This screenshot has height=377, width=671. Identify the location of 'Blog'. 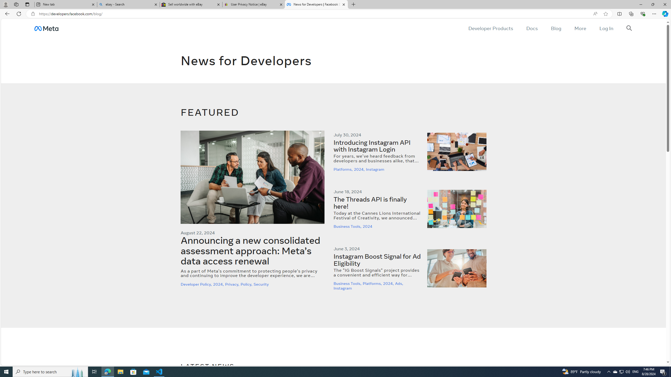
(555, 28).